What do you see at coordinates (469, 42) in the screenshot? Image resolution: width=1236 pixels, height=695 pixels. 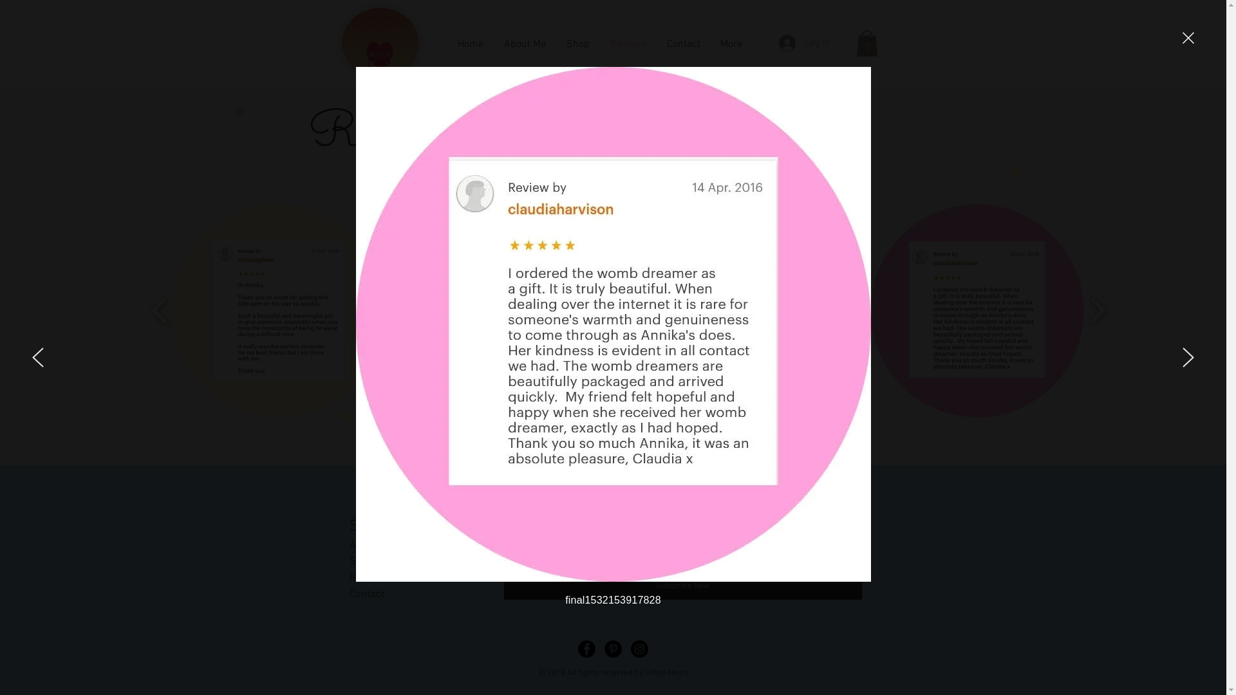 I see `'Home'` at bounding box center [469, 42].